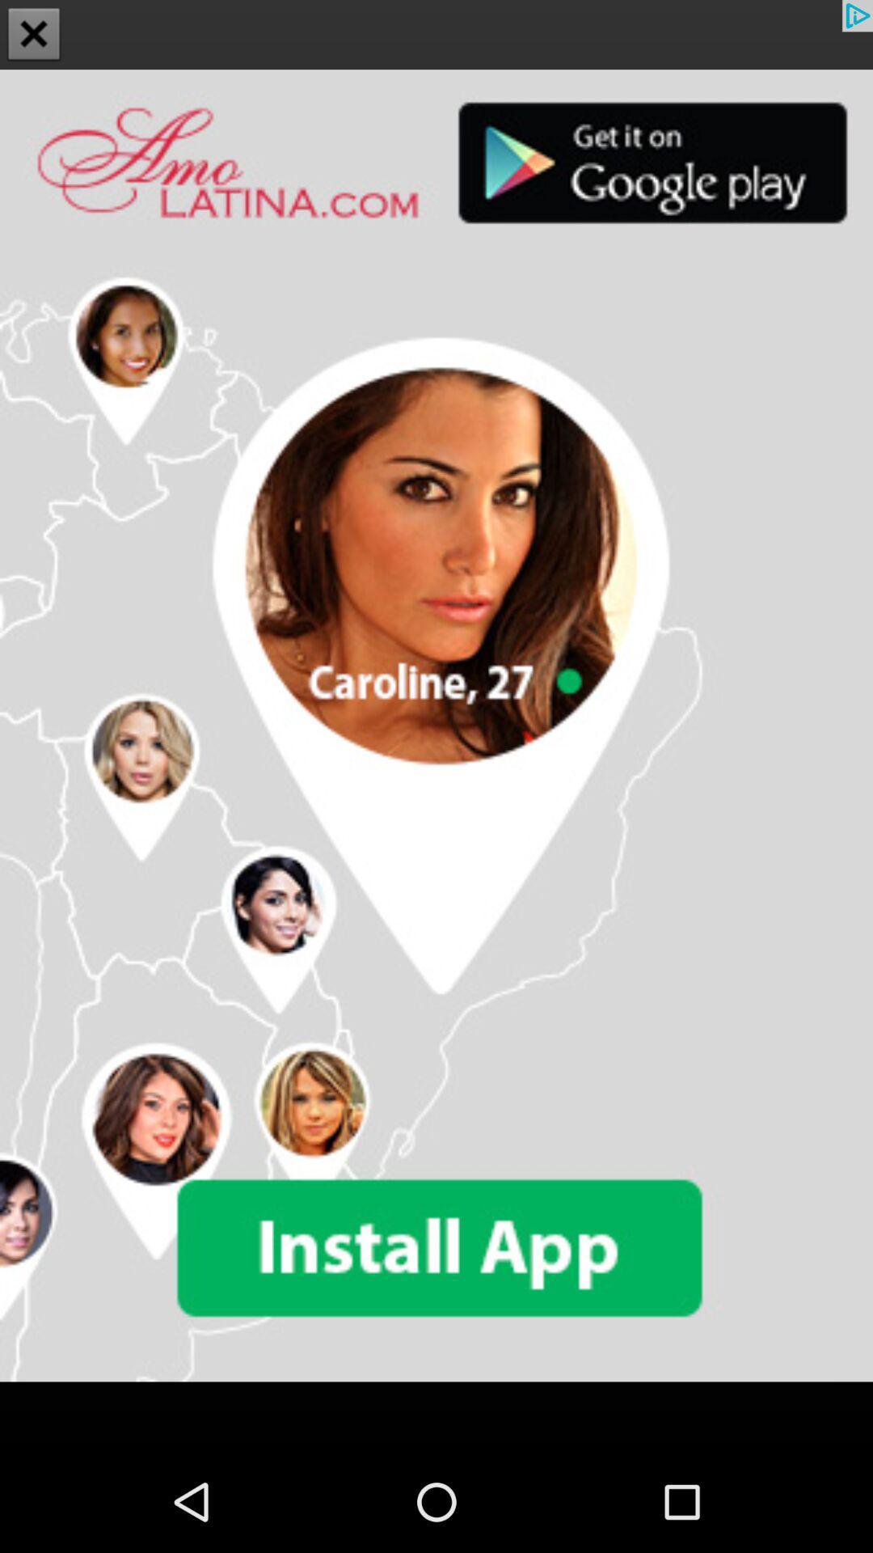  What do you see at coordinates (34, 36) in the screenshot?
I see `the close icon` at bounding box center [34, 36].